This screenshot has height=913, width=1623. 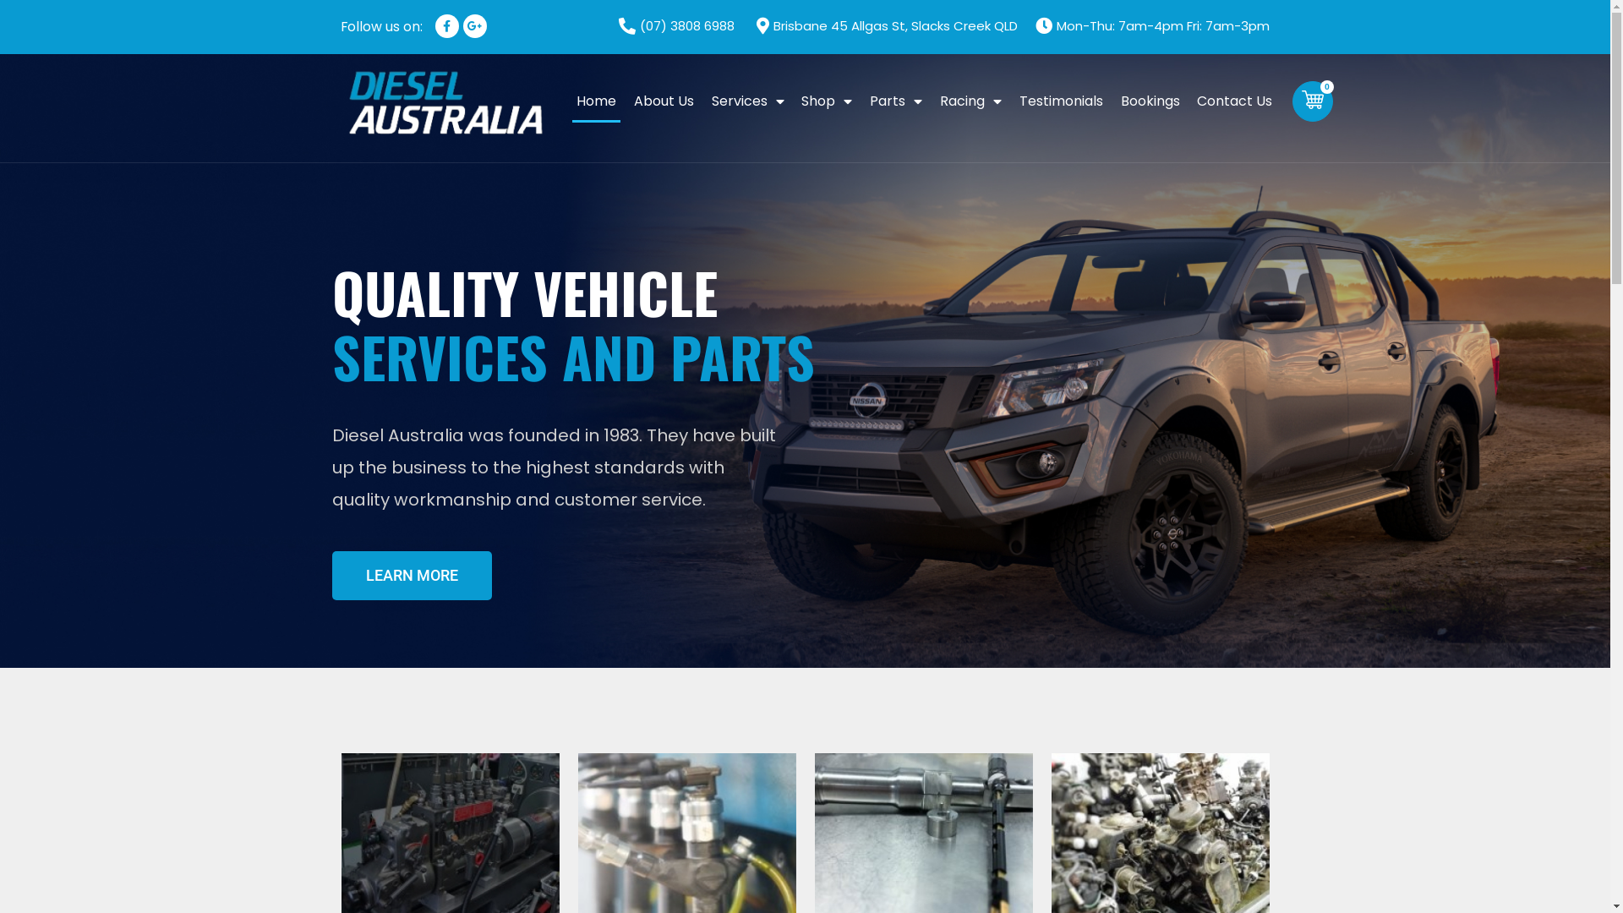 What do you see at coordinates (1292, 101) in the screenshot?
I see `'0'` at bounding box center [1292, 101].